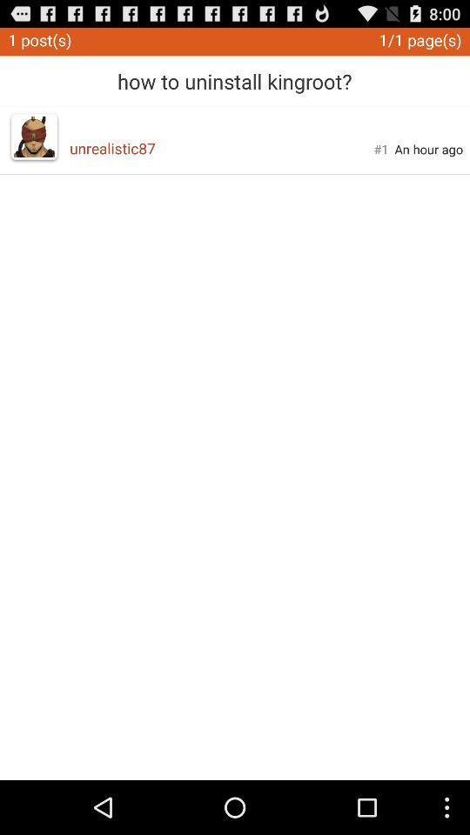  Describe the element at coordinates (221, 147) in the screenshot. I see `app to the left of #1 app` at that location.